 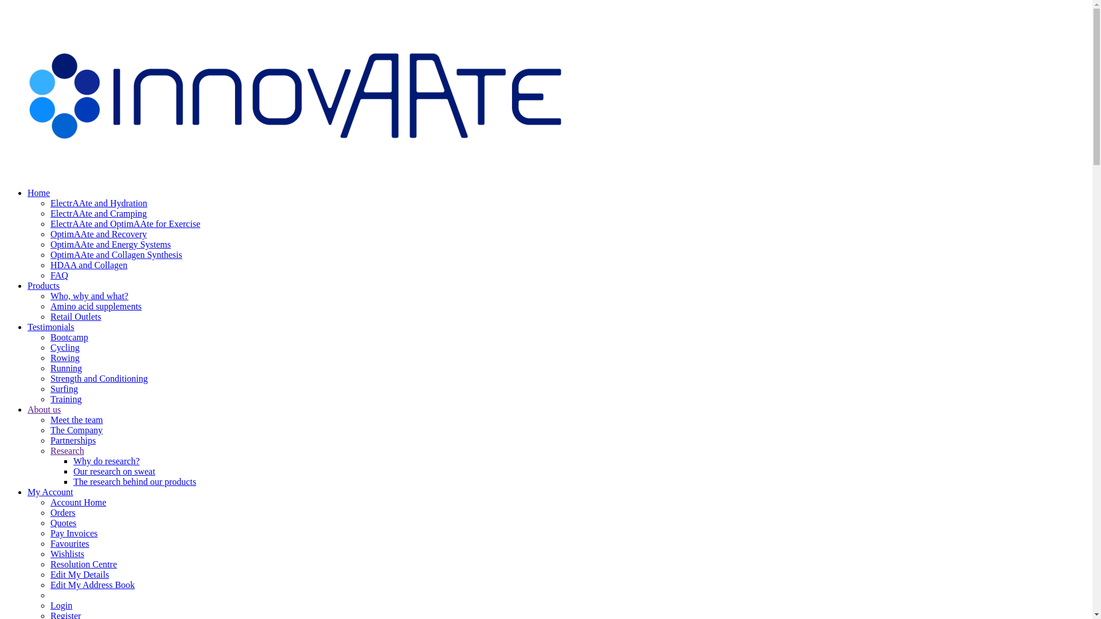 I want to click on 'Pay Invoices', so click(x=73, y=533).